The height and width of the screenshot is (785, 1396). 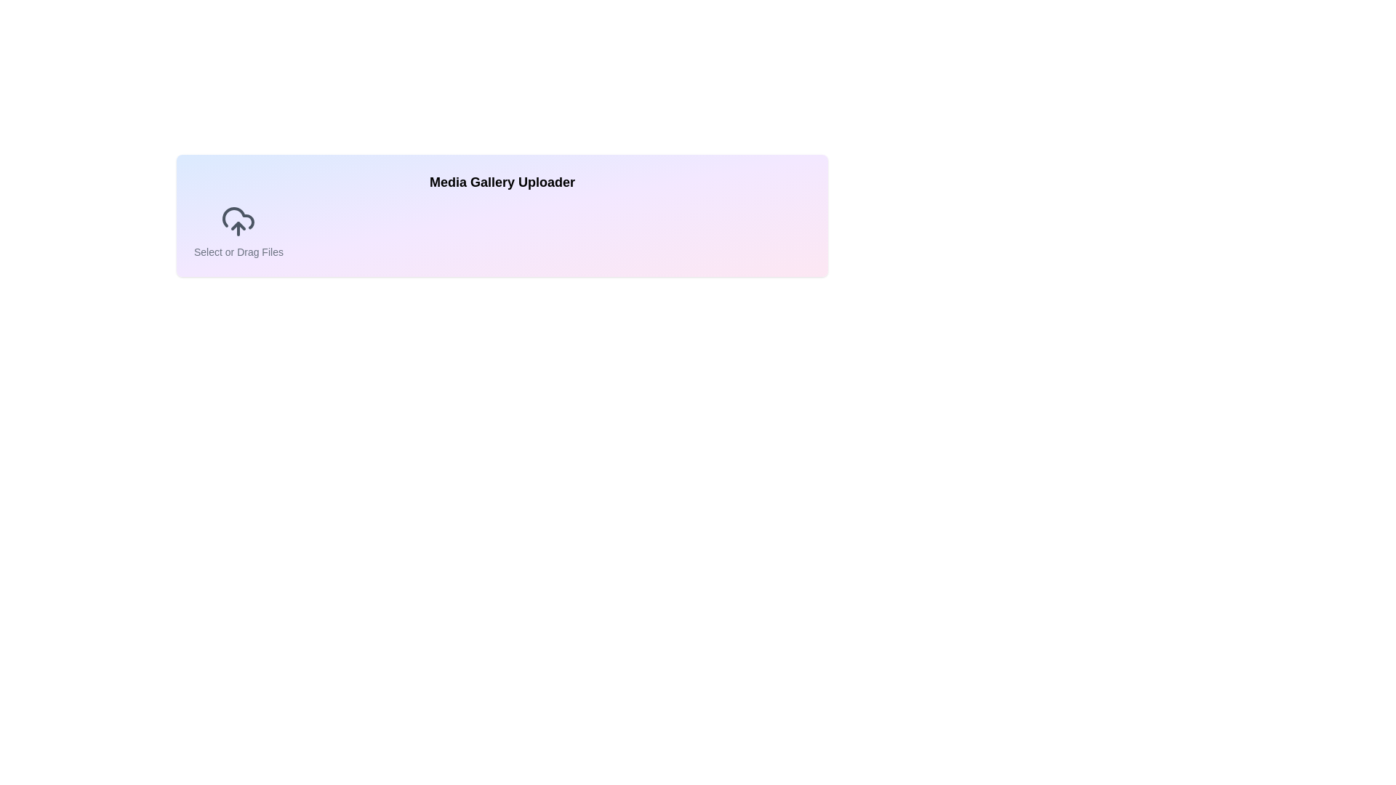 What do you see at coordinates (238, 218) in the screenshot?
I see `the cloud-upload icon's middle portion, which visually represents the cloud in the upload functionality, located beside the 'Select or Drag Files' label` at bounding box center [238, 218].